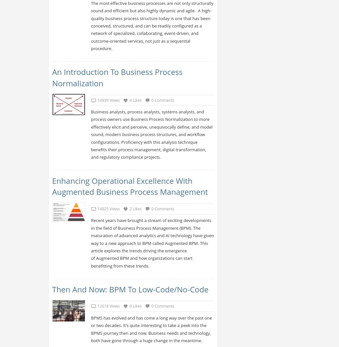  I want to click on 'An Introduction to Business Process Normalization', so click(117, 77).